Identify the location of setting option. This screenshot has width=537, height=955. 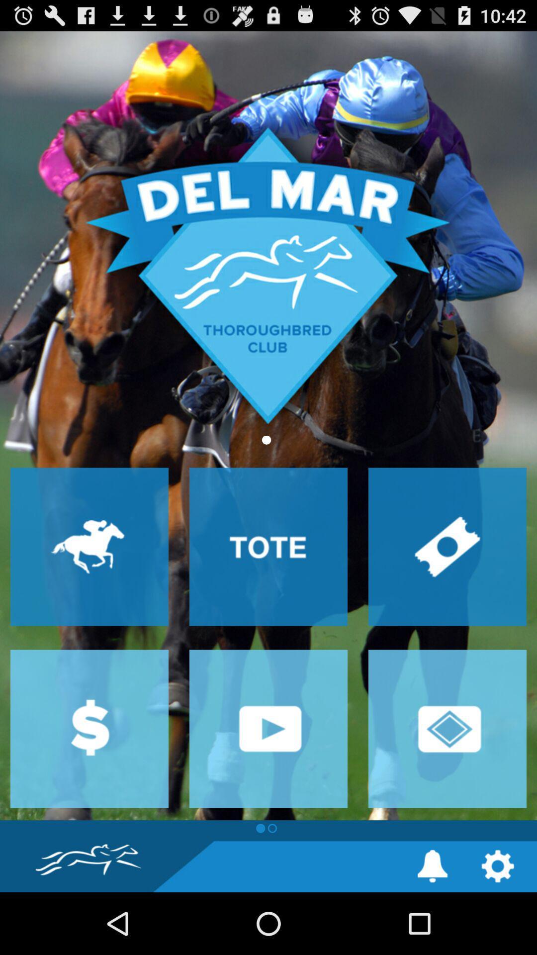
(498, 865).